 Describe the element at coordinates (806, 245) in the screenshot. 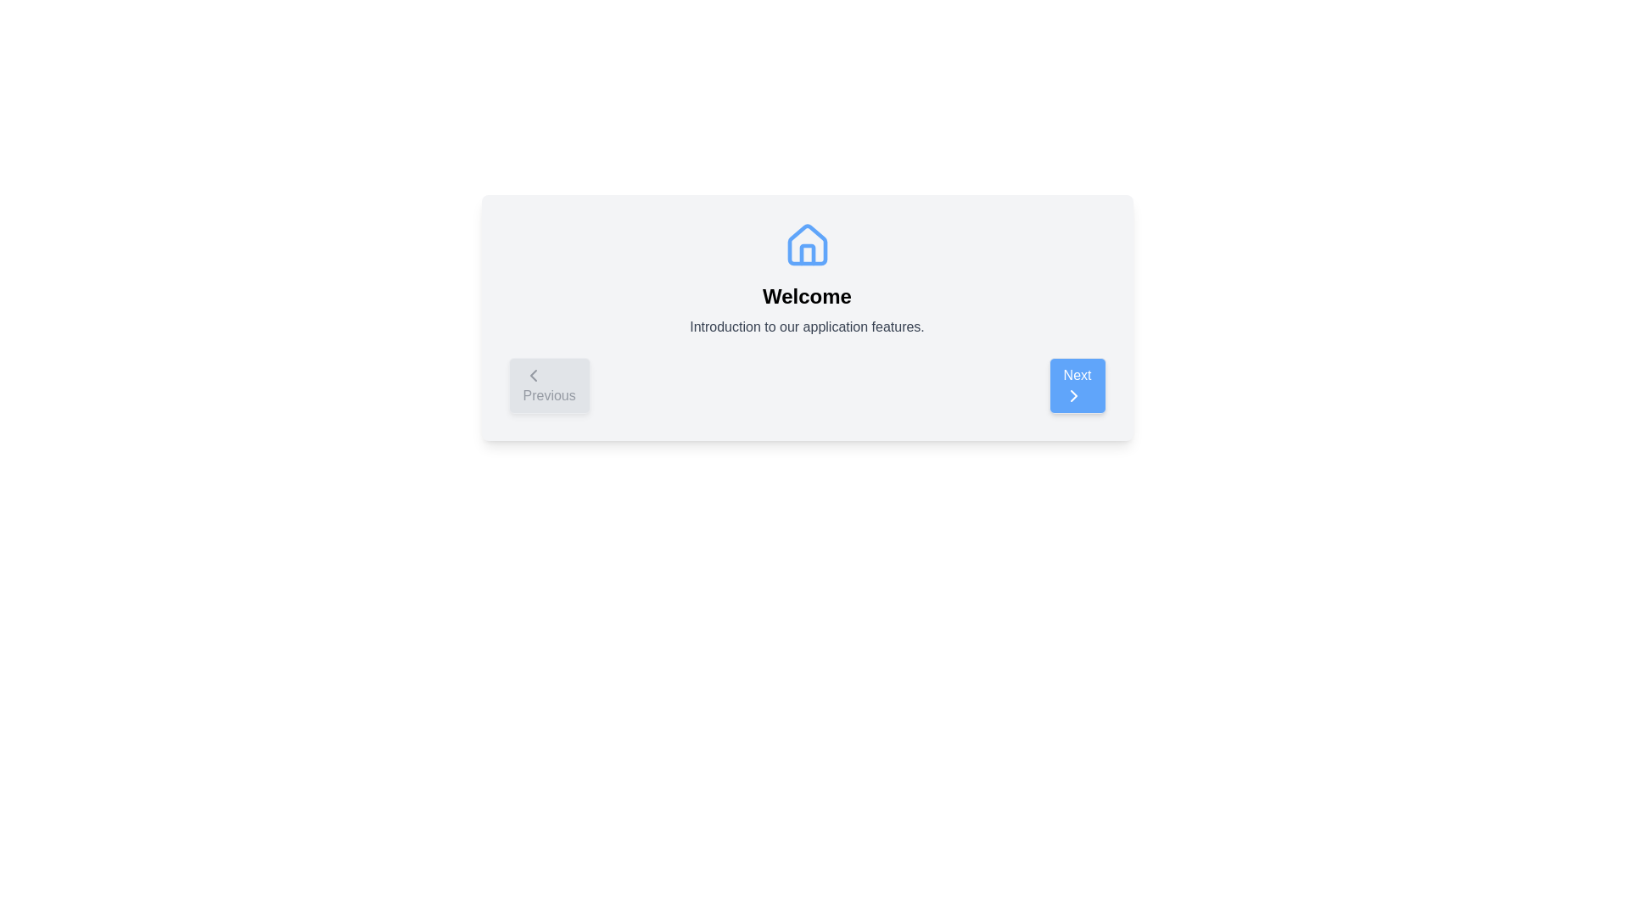

I see `the decorative icon that symbolizes the home or main page of the application, which is centrally positioned above the text 'Introduction to our application features.'` at that location.